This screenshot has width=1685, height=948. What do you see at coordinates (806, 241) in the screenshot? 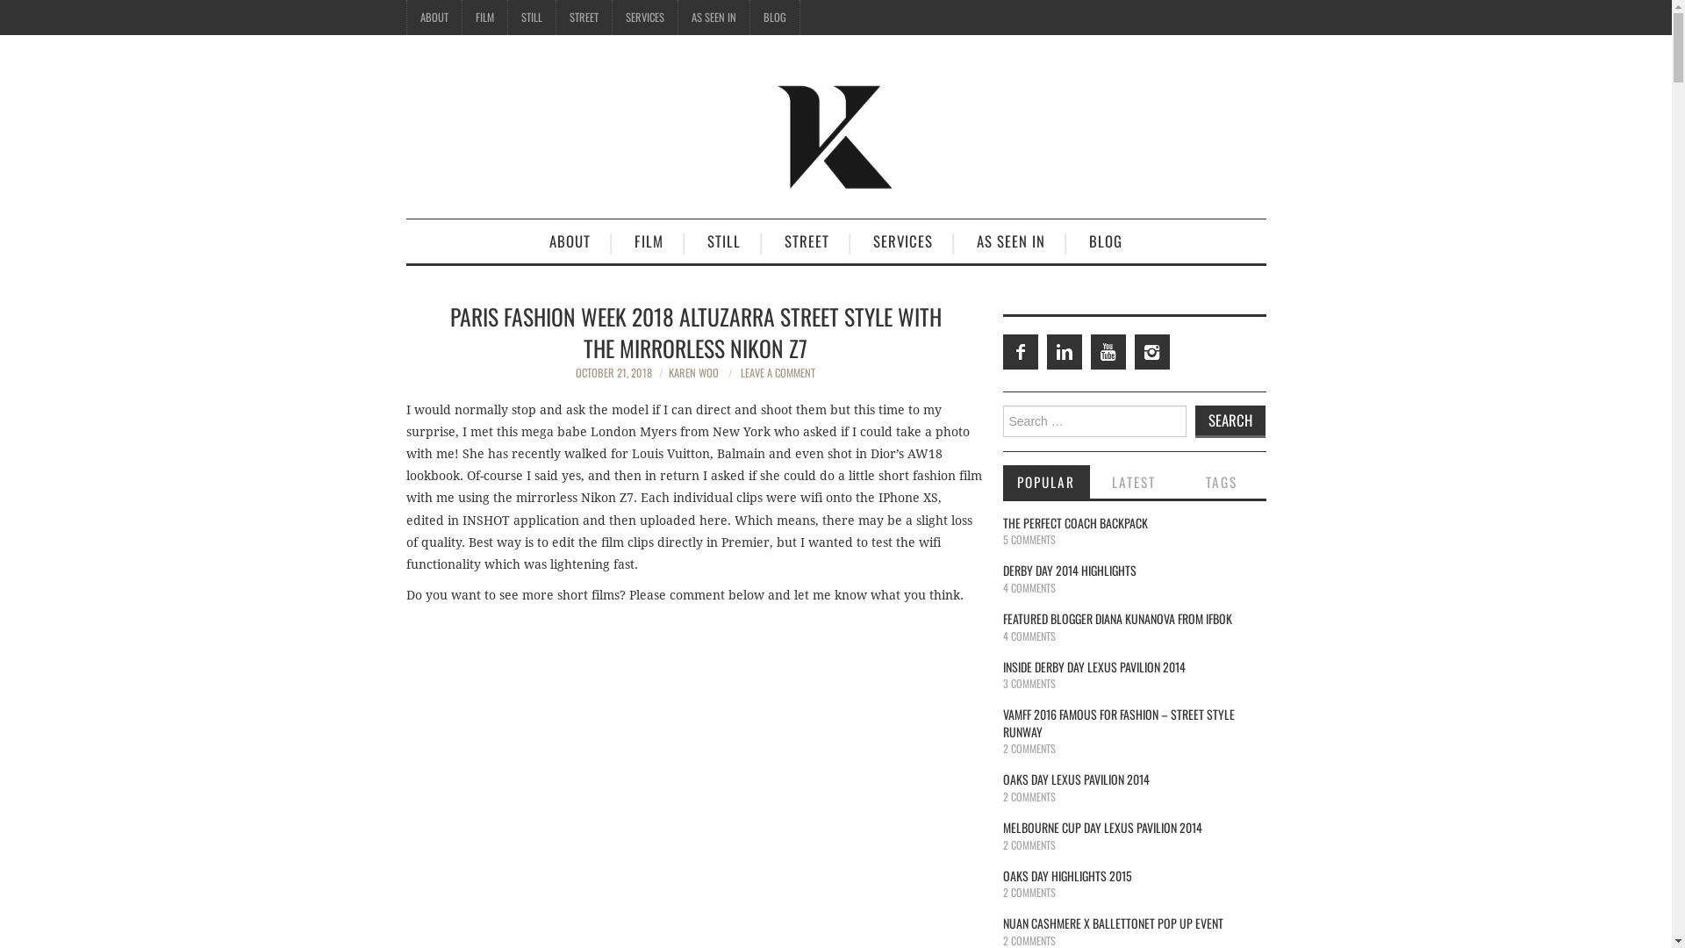
I see `'STREET'` at bounding box center [806, 241].